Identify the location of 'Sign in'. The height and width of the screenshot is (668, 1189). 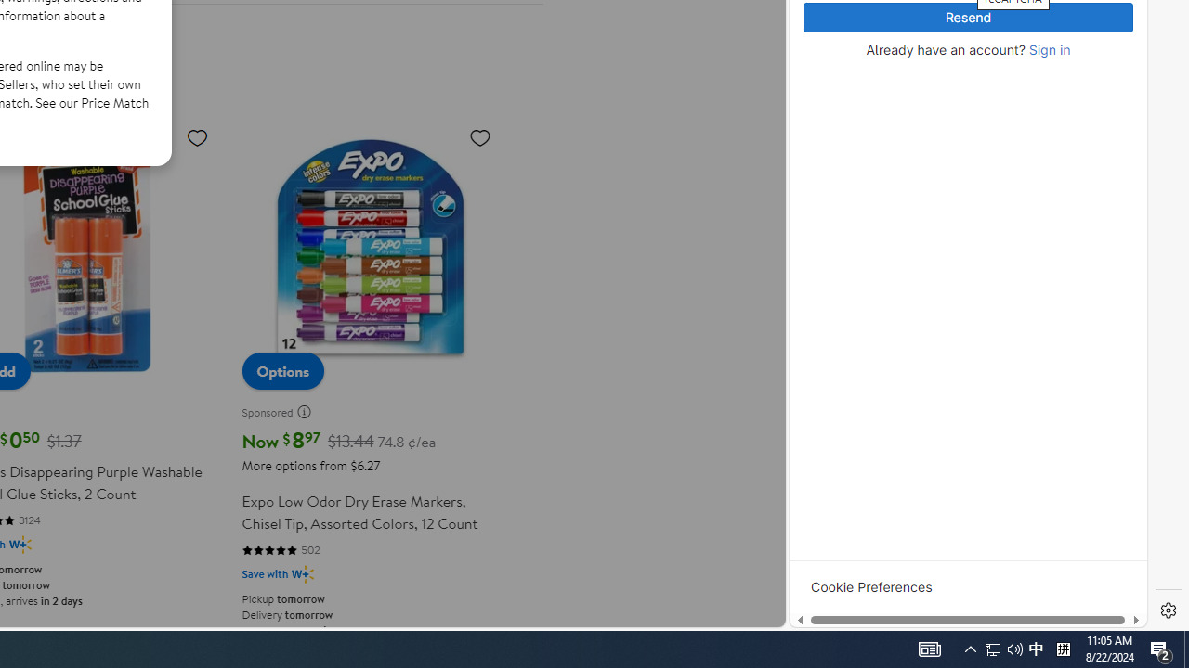
(1050, 49).